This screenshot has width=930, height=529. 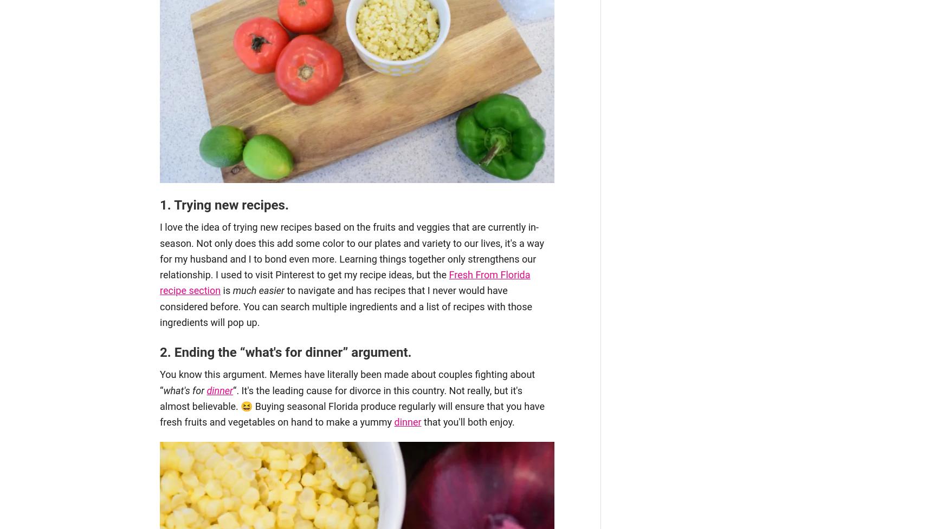 I want to click on '1. Trying new recipes.', so click(x=224, y=205).